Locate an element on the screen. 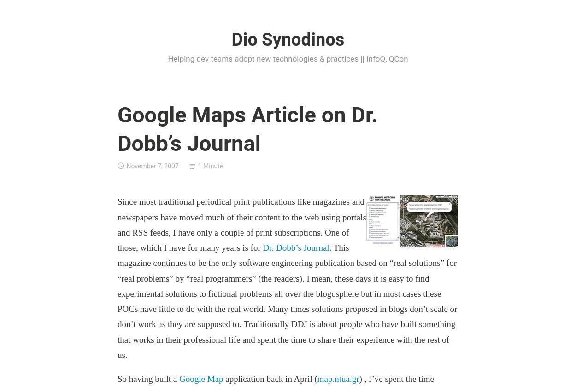  'Dio Synodinos' is located at coordinates (287, 39).